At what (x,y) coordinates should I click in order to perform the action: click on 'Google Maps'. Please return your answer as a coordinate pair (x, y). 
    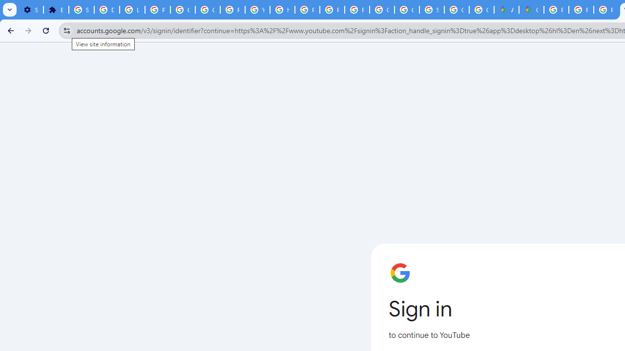
    Looking at the image, I should click on (531, 10).